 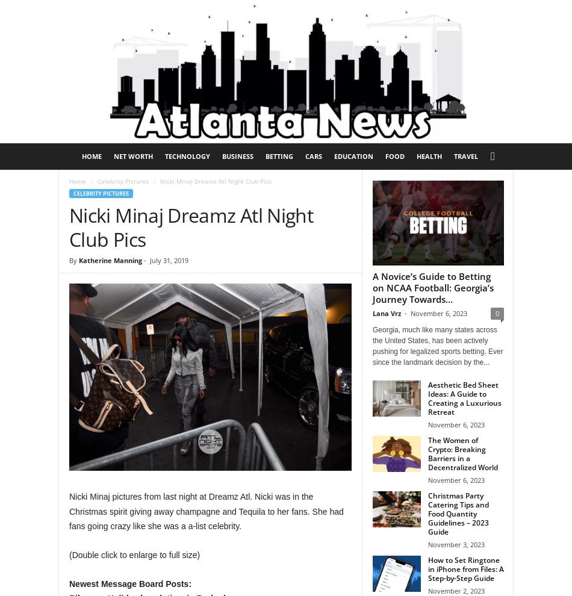 I want to click on 'How to Set Ringtone in iPhone from Files: A Step-by-Step Guide', so click(x=465, y=569).